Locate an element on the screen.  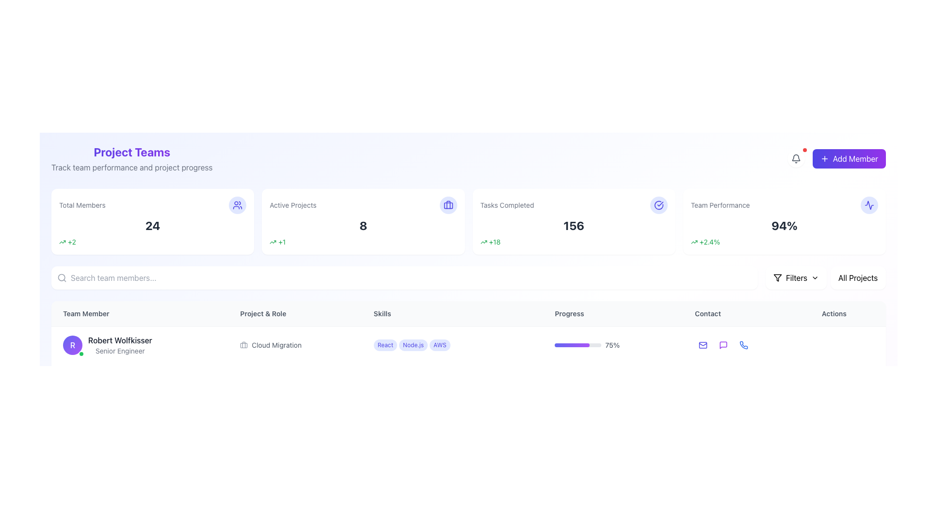
the outlined purple speech bubble icon located near the 'Contact' section is located at coordinates (723, 345).